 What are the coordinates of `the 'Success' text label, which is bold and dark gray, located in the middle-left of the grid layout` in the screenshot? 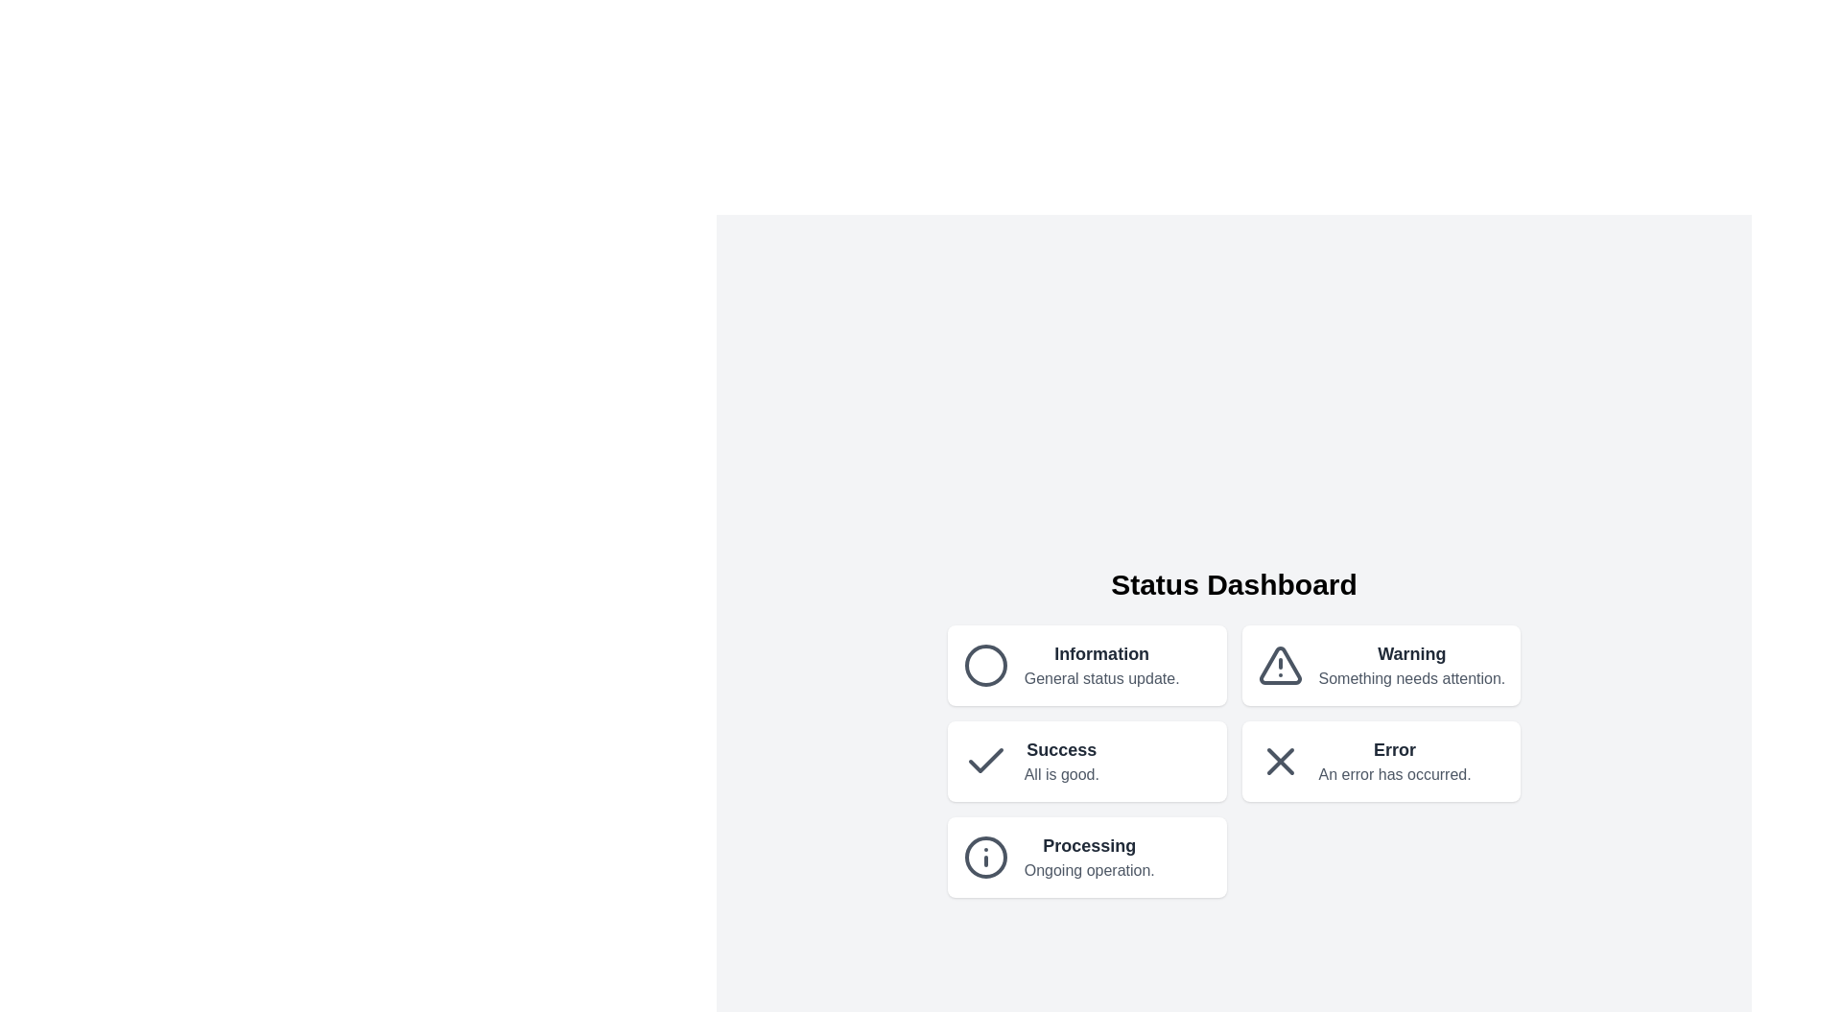 It's located at (1060, 749).